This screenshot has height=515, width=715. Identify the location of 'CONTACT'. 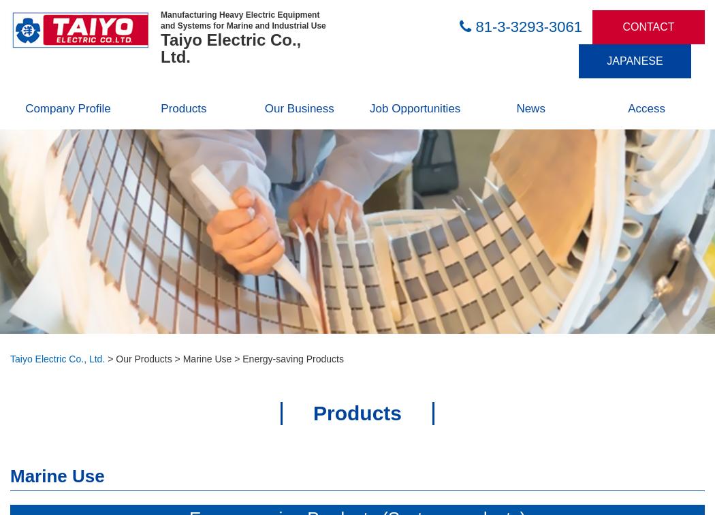
(648, 27).